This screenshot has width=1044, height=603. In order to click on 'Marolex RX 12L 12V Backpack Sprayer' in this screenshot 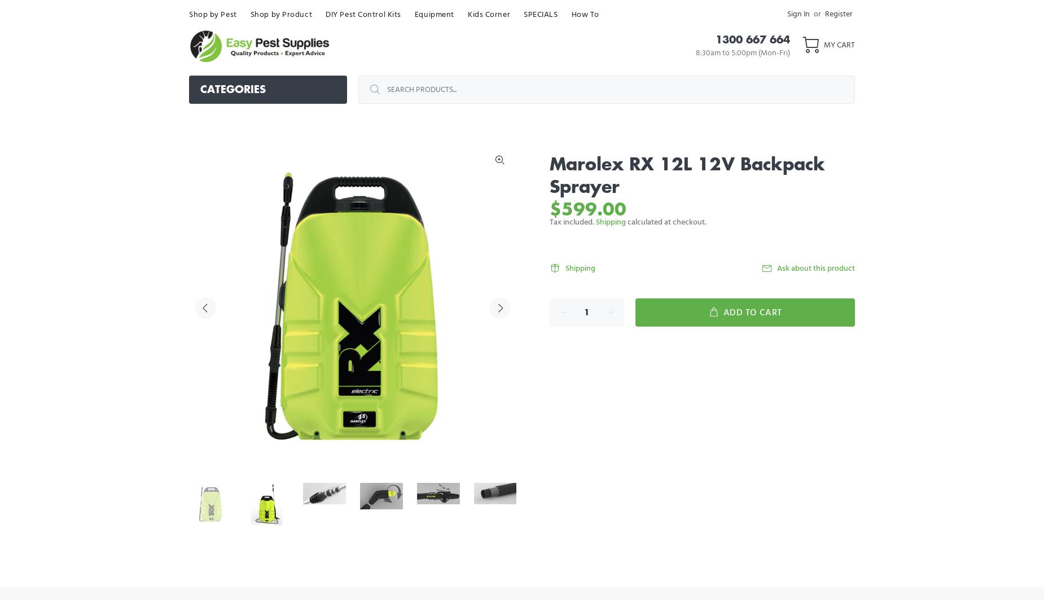, I will do `click(686, 174)`.